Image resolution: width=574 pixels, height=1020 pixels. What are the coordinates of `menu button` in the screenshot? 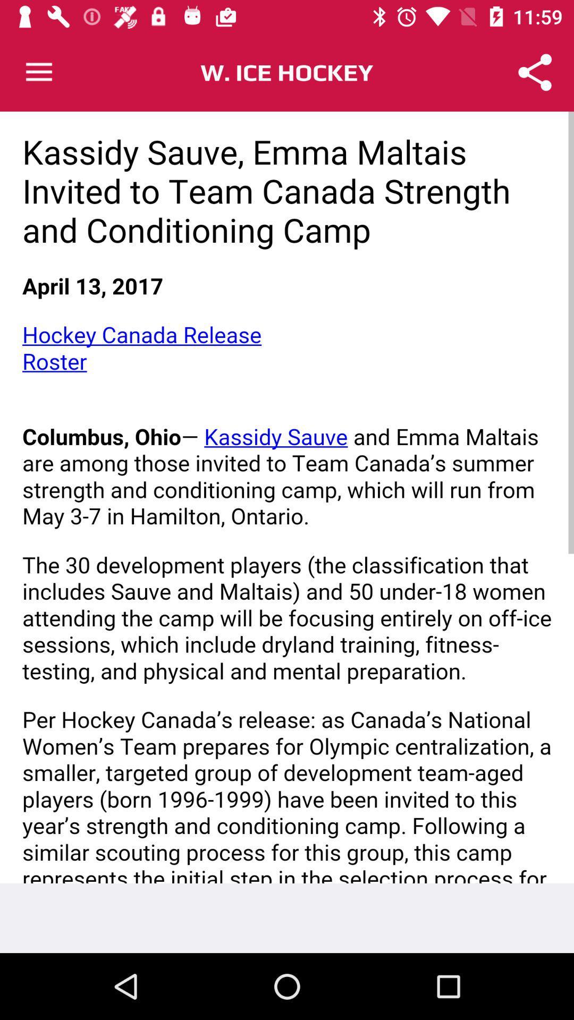 It's located at (38, 72).